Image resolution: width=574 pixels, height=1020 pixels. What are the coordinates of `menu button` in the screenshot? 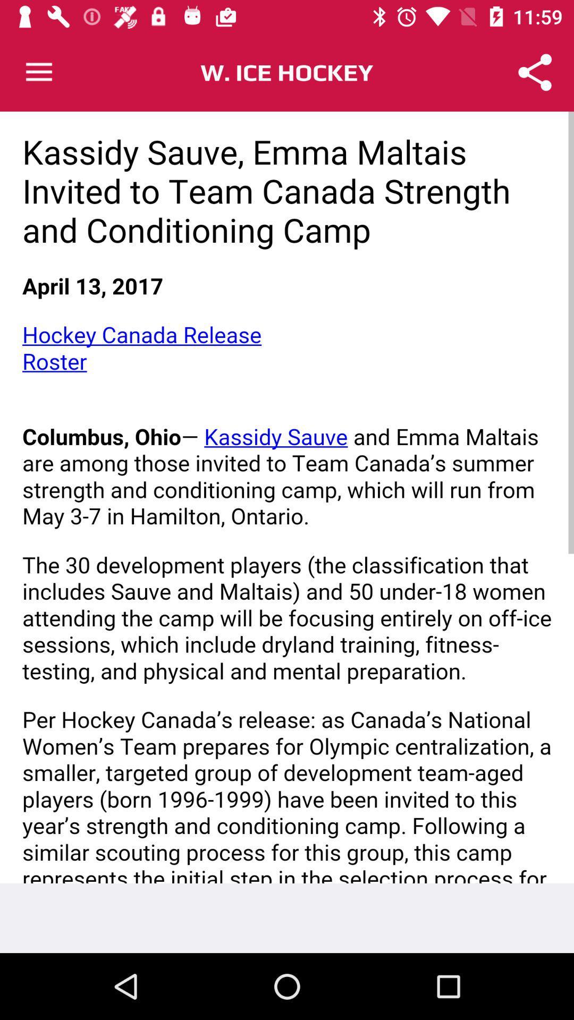 It's located at (38, 72).